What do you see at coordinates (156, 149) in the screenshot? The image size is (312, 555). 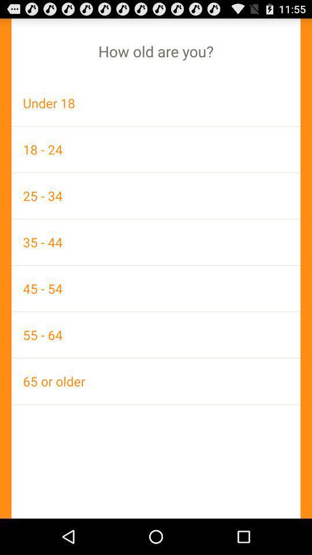 I see `the 18 - 24 app` at bounding box center [156, 149].